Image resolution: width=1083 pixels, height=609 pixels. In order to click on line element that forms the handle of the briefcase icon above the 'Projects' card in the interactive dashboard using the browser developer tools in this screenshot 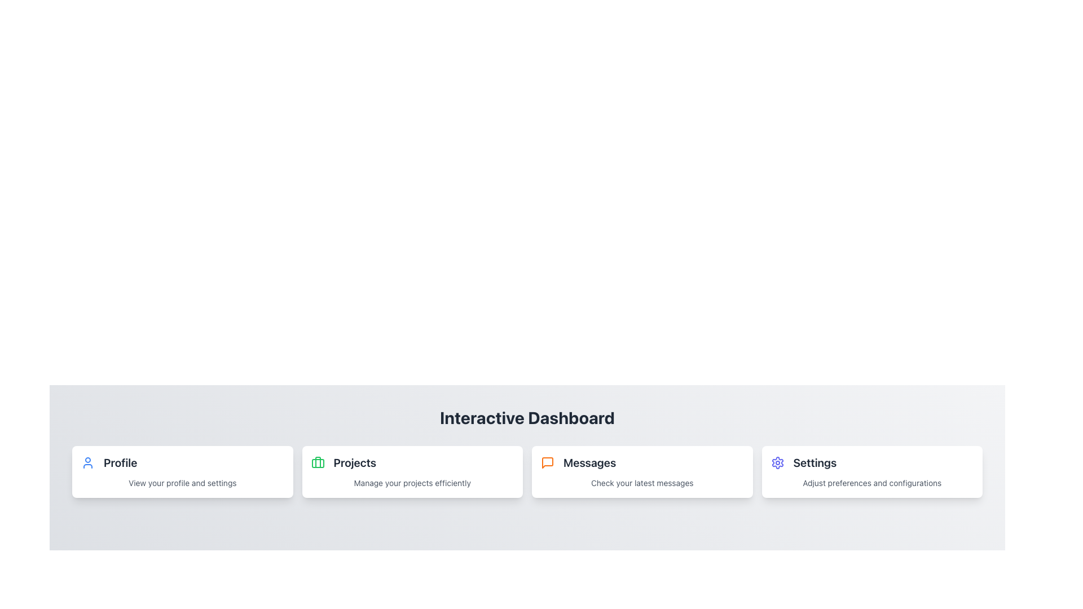, I will do `click(317, 462)`.